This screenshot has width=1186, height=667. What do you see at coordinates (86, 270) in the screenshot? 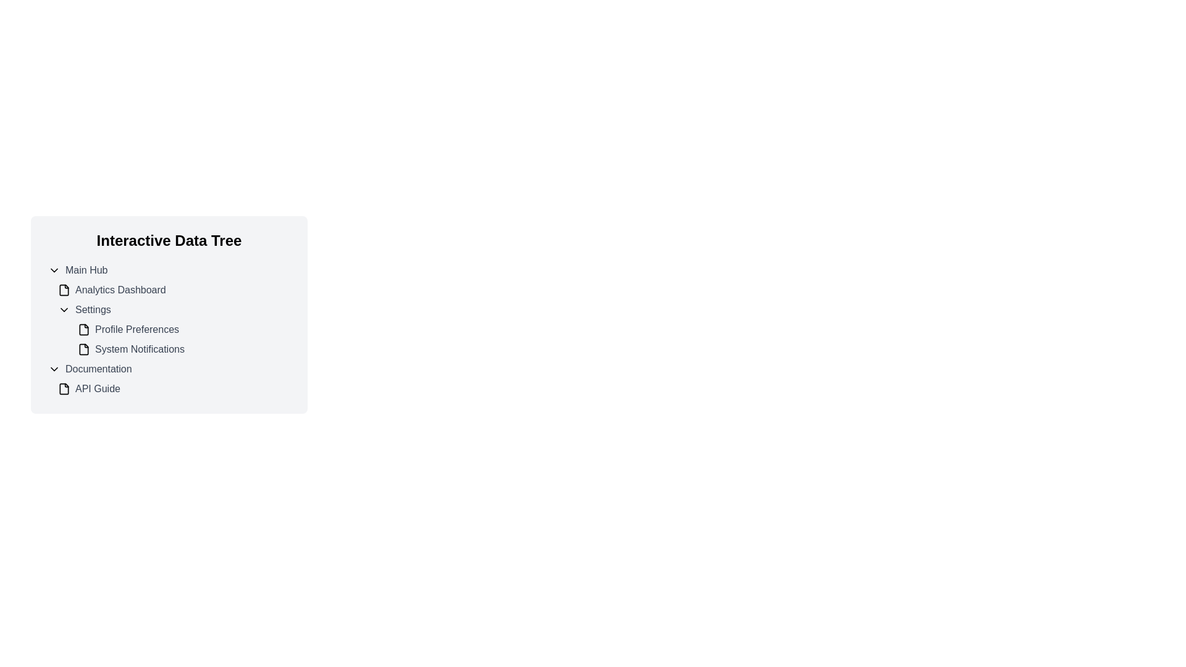
I see `the 'Main Hub' text label with a gray font color` at bounding box center [86, 270].